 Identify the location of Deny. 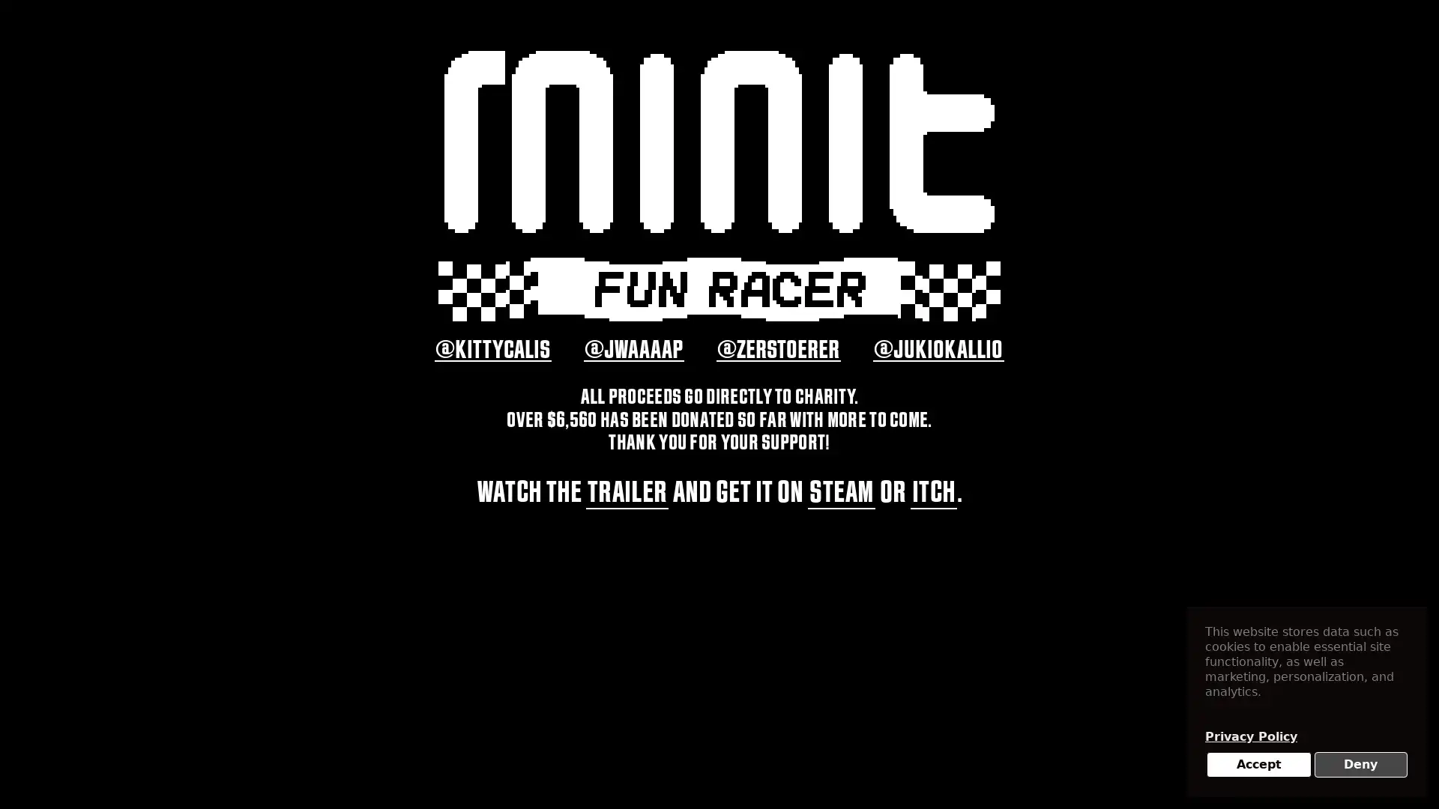
(1360, 765).